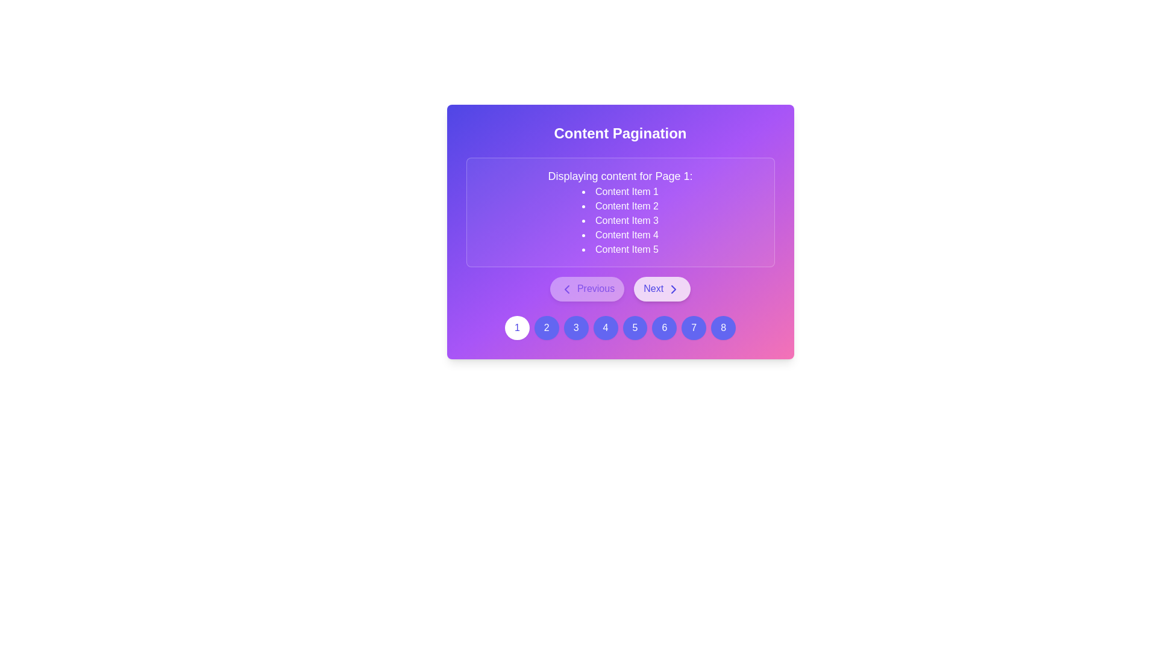 This screenshot has height=650, width=1157. I want to click on the pagination button for page 6 located in the bottom row of the content box labeled 'Content Pagination', so click(663, 327).